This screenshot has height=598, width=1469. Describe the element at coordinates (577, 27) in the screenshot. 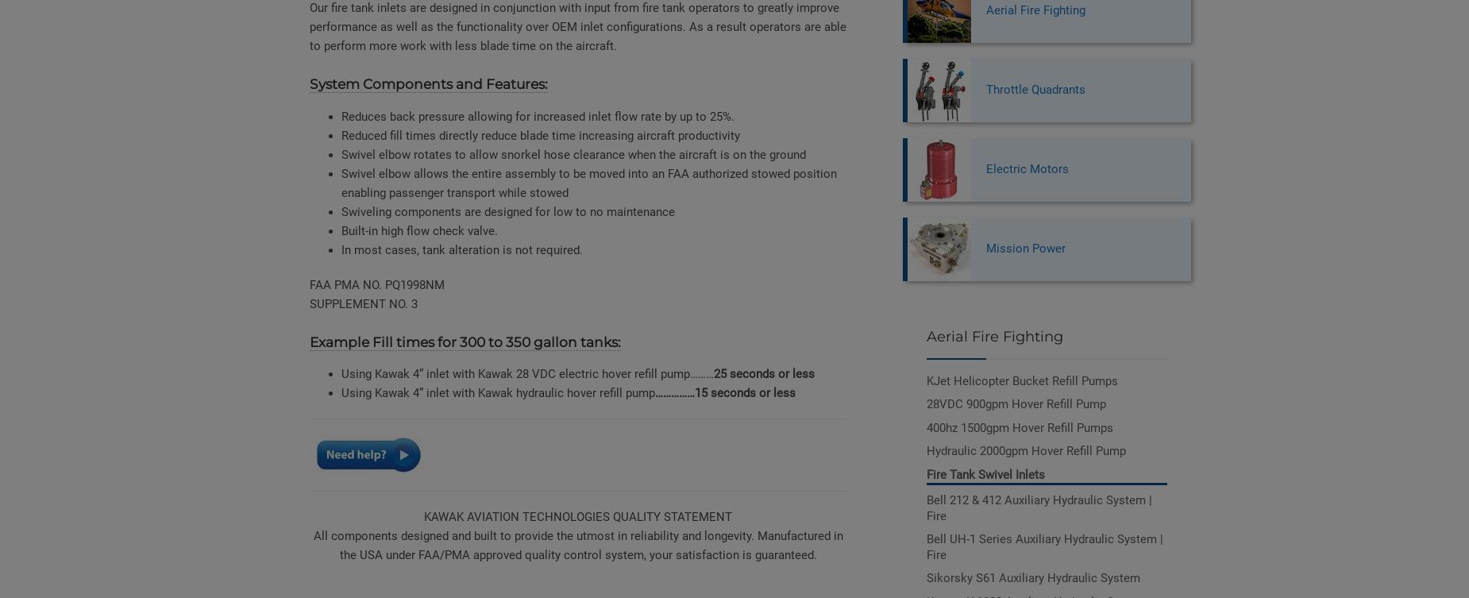

I see `'Our fire tank inlets are designed in conjunction with input from fire tank operators to greatly improve performance as well as the functionality over OEM inlet configurations. As a result operators are able to perform more work with less blade time on the aircraft.'` at that location.